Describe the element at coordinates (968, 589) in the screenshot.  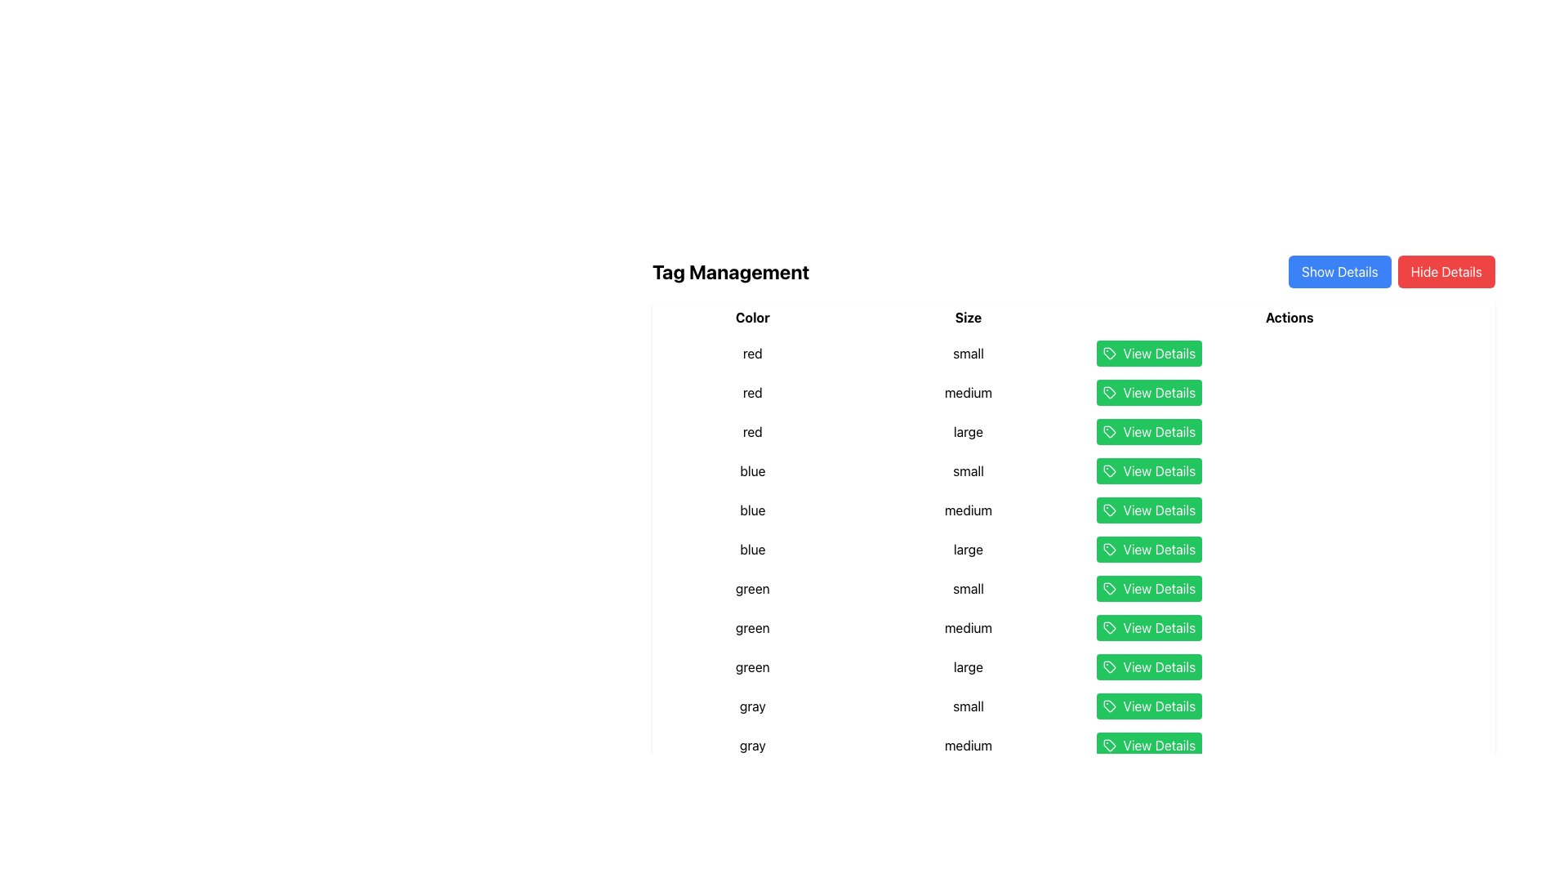
I see `the text label 'small' located under the 'Size' column in the grid layout, positioned between the 'green' label and the 'View Details' button` at that location.